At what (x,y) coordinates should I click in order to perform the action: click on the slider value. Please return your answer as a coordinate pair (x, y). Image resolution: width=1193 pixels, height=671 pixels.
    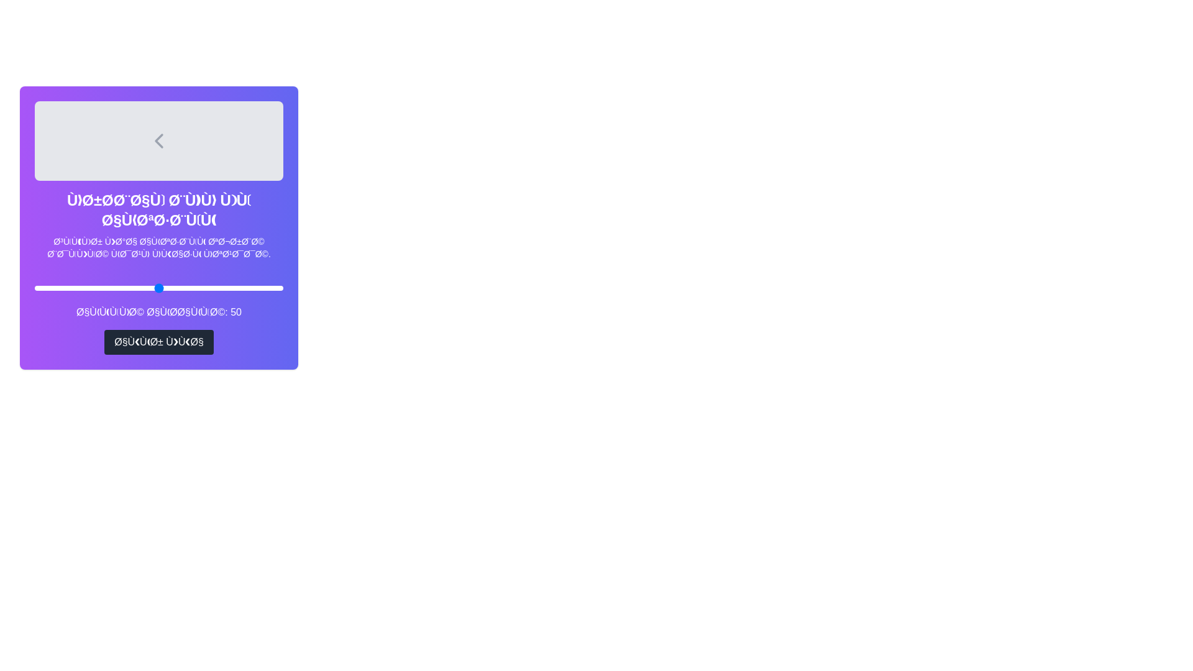
    Looking at the image, I should click on (156, 288).